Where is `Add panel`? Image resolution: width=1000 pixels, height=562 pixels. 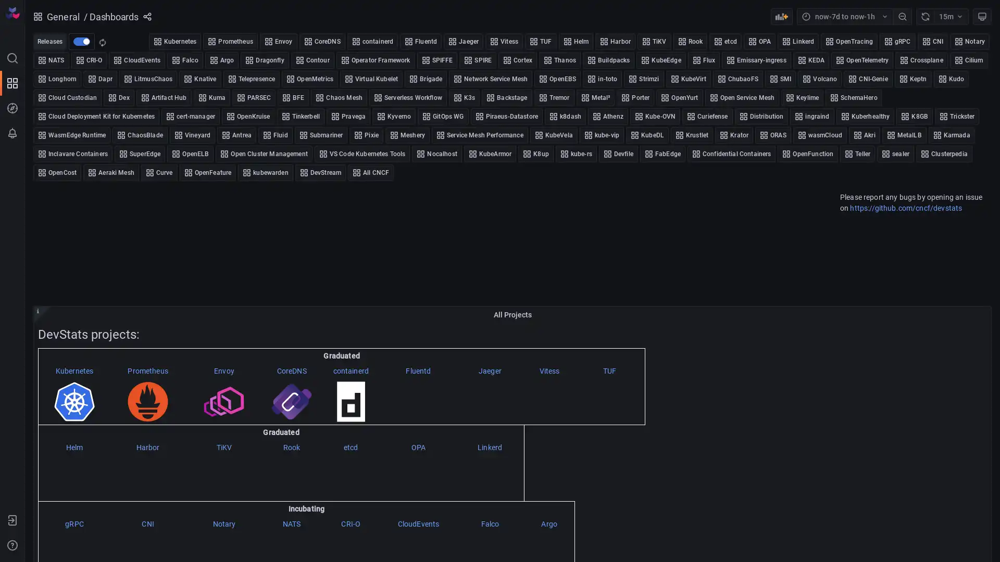
Add panel is located at coordinates (782, 16).